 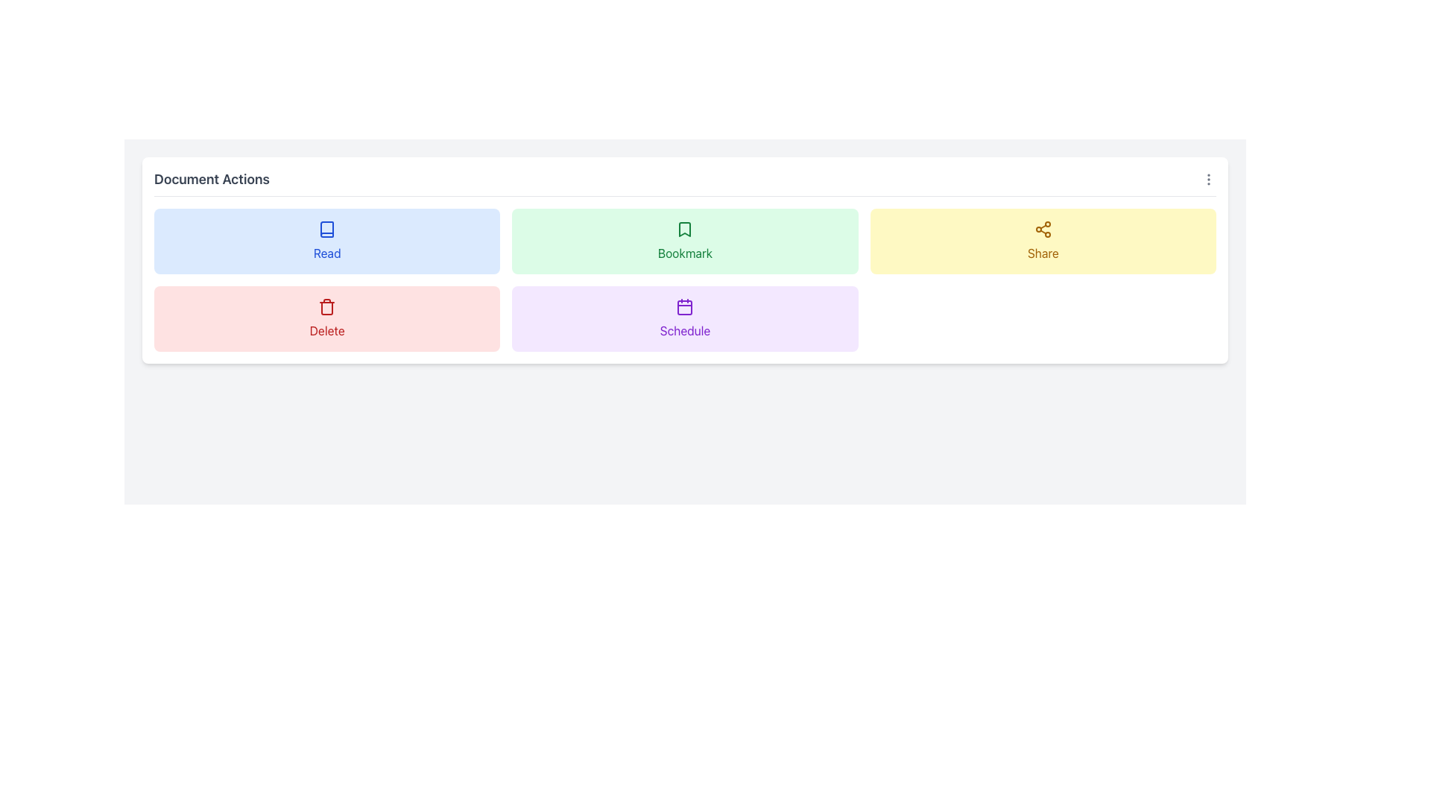 I want to click on the calendar icon located in the lower right section of the grid, directly above the 'Schedule' label and to the right of the red trash icon, so click(x=684, y=306).